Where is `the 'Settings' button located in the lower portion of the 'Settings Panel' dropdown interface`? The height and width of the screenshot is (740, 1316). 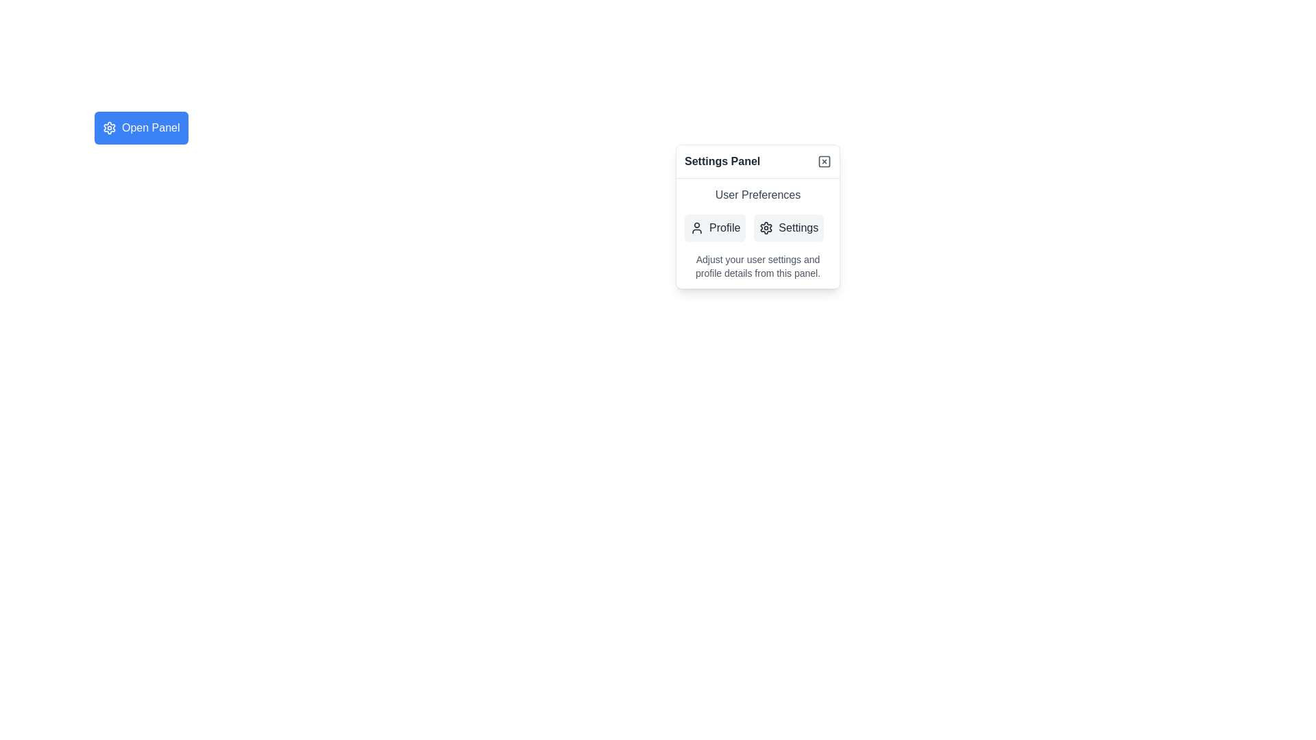
the 'Settings' button located in the lower portion of the 'Settings Panel' dropdown interface is located at coordinates (757, 232).